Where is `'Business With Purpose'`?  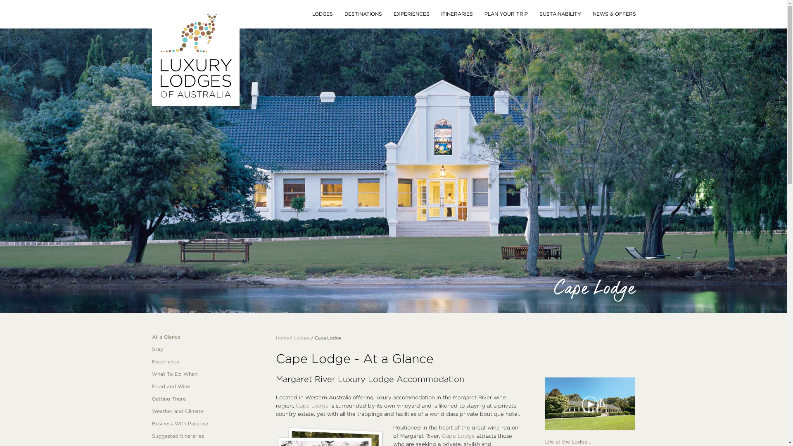 'Business With Purpose' is located at coordinates (208, 424).